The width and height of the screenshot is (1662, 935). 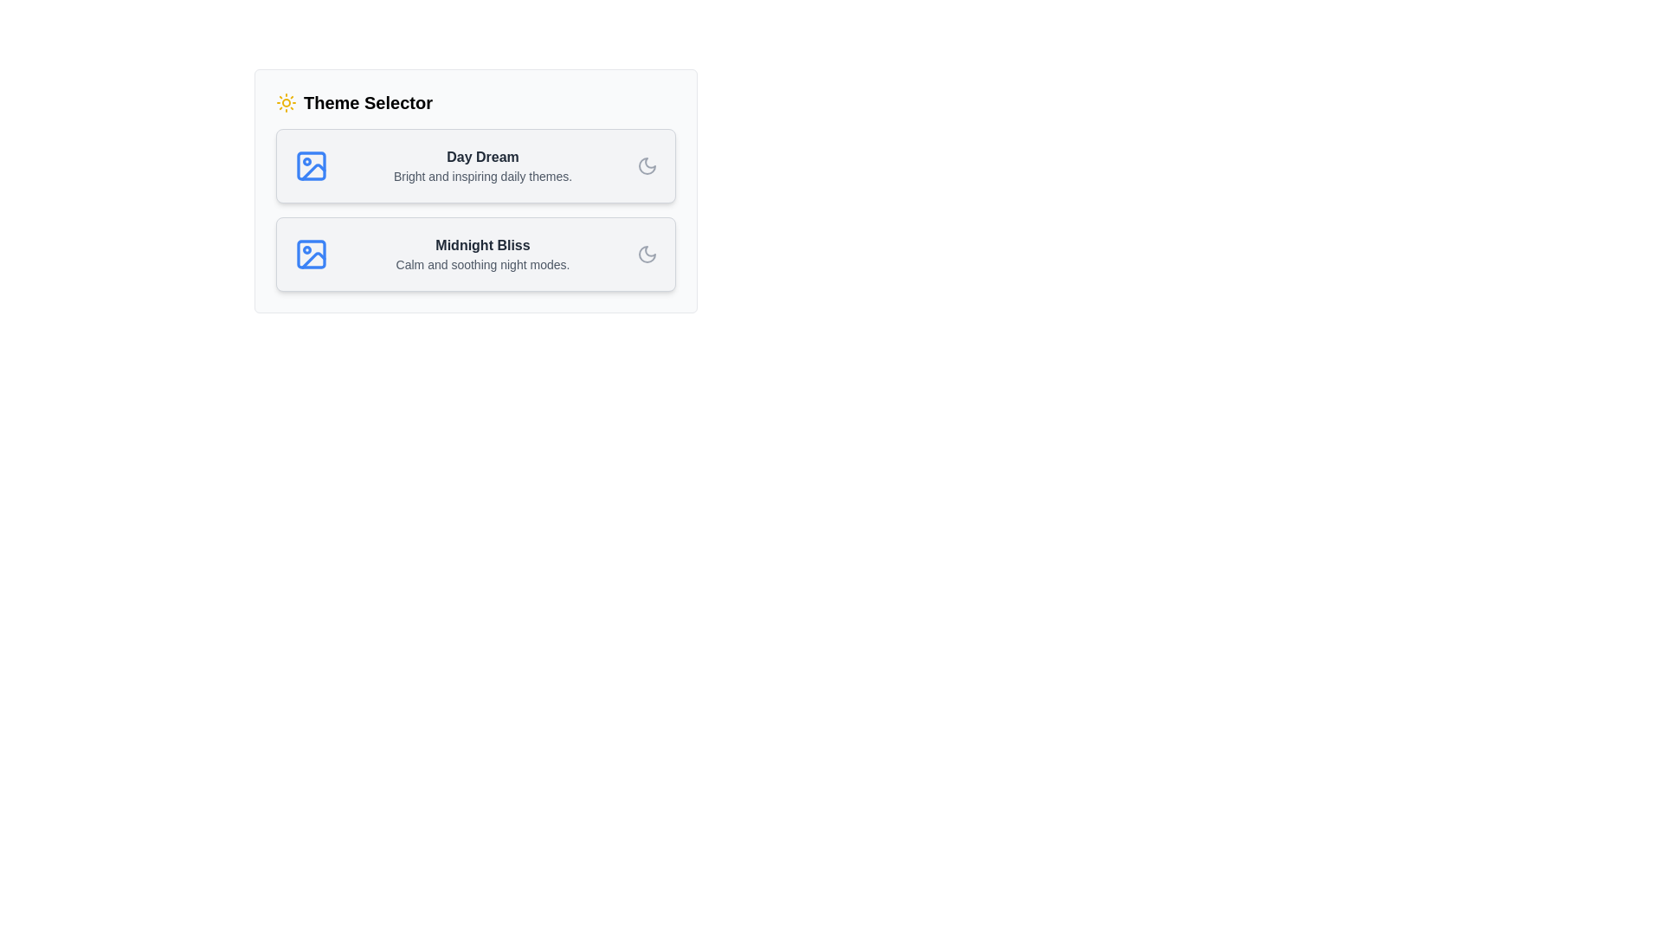 I want to click on the theme card for Midnight Bliss, so click(x=476, y=254).